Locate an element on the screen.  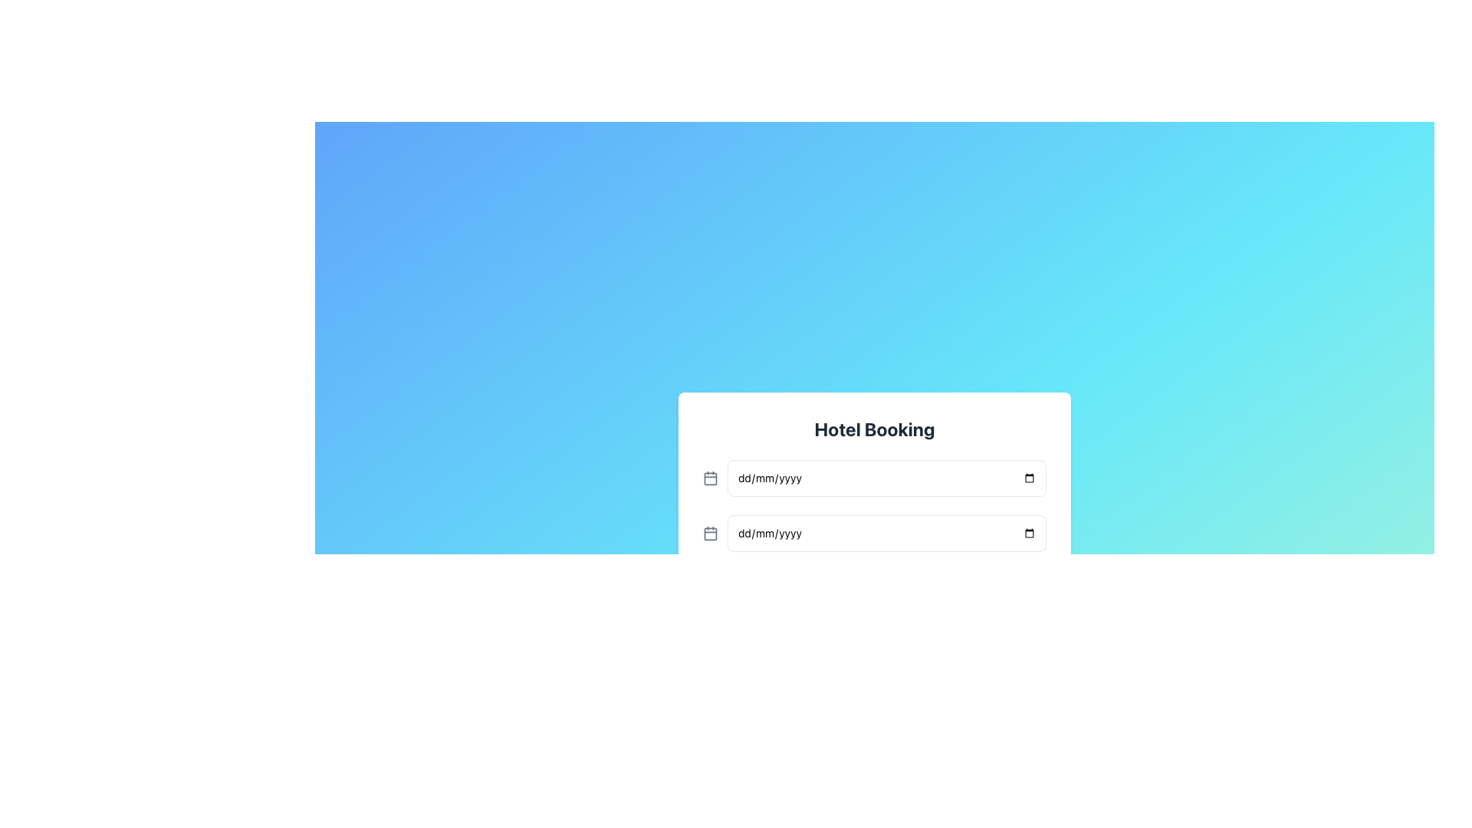
the date selection icon located to the left of the date input field is located at coordinates (709, 532).